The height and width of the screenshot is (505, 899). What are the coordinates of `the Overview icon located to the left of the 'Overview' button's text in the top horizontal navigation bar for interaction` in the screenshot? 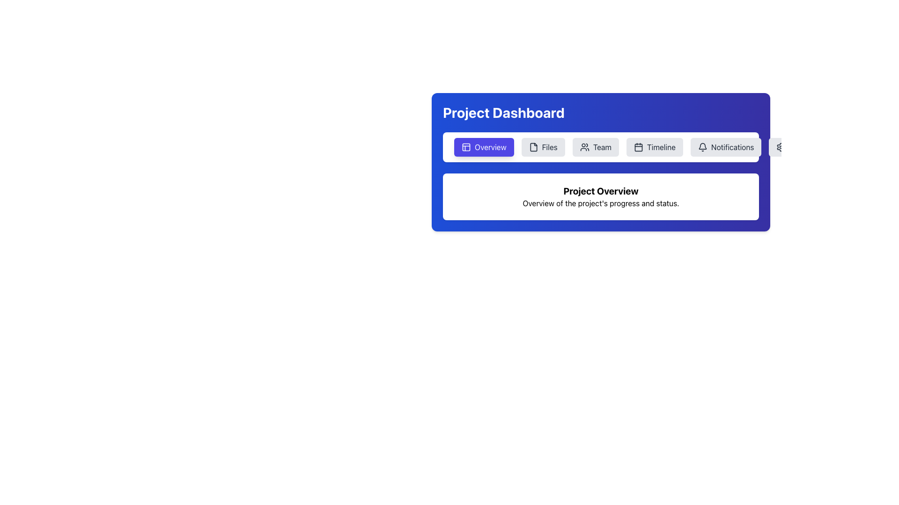 It's located at (466, 147).